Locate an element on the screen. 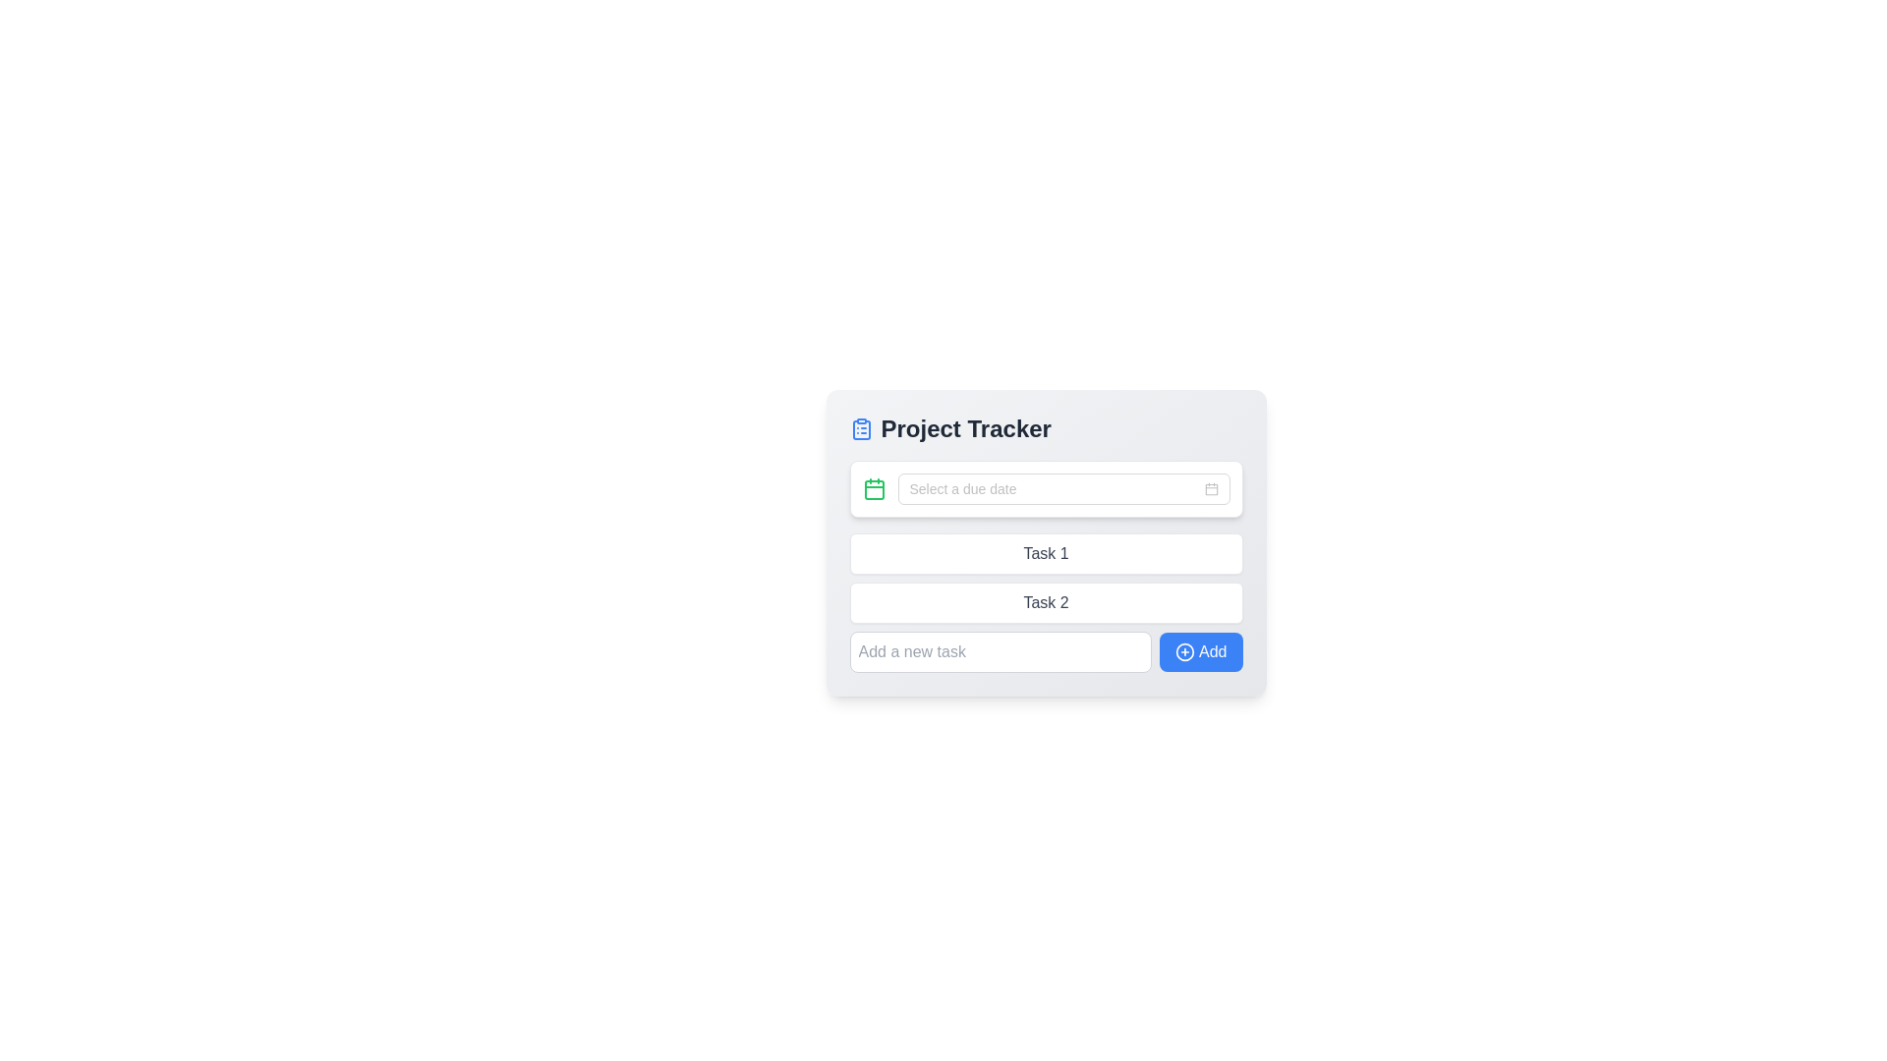 The width and height of the screenshot is (1887, 1061). the date picker icon located at the far left of the input field for selecting a date in the Project Tracker card interface is located at coordinates (873, 487).